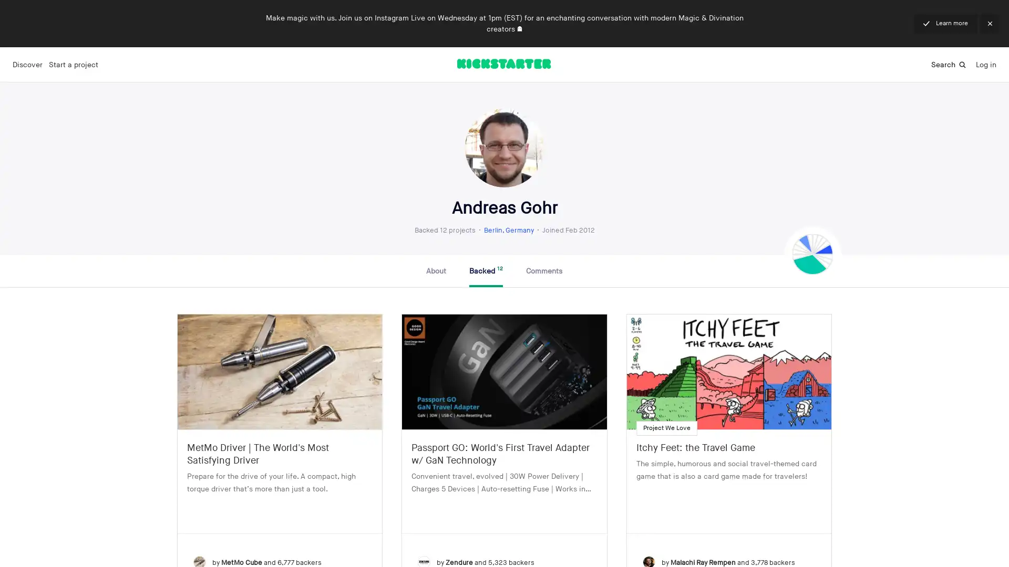 The image size is (1009, 567). I want to click on Search, so click(949, 64).